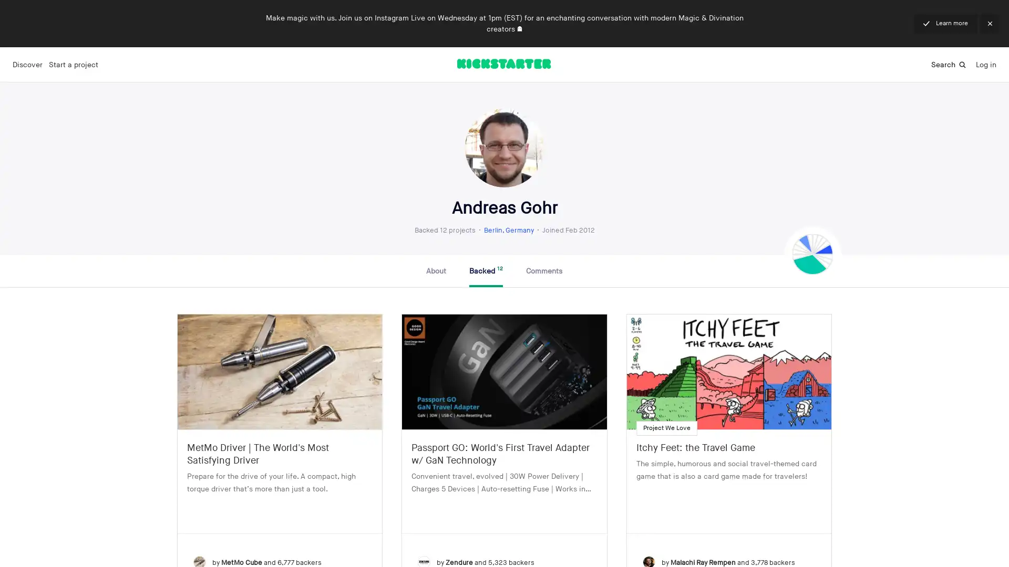 The image size is (1009, 567). I want to click on Search, so click(949, 64).